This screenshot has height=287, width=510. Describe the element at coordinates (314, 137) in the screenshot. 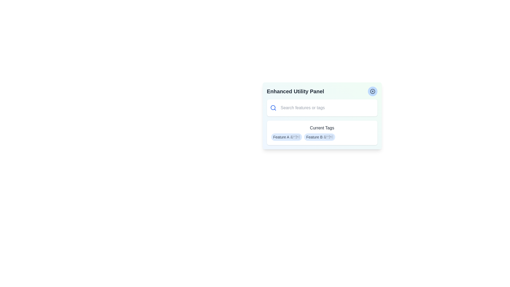

I see `the 'Feature B' text label located in the second slot of the 'Current Tags' section, which is displayed inside a box with rounded corners and a light blue background` at that location.